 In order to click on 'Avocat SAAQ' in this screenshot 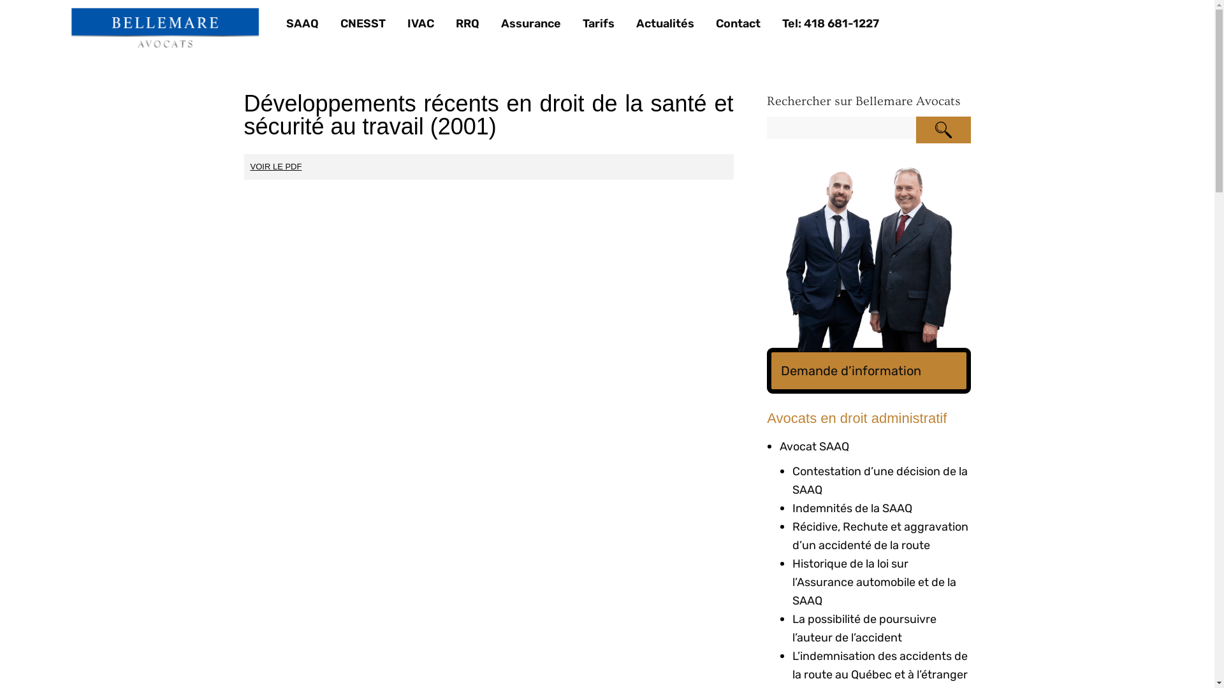, I will do `click(813, 446)`.